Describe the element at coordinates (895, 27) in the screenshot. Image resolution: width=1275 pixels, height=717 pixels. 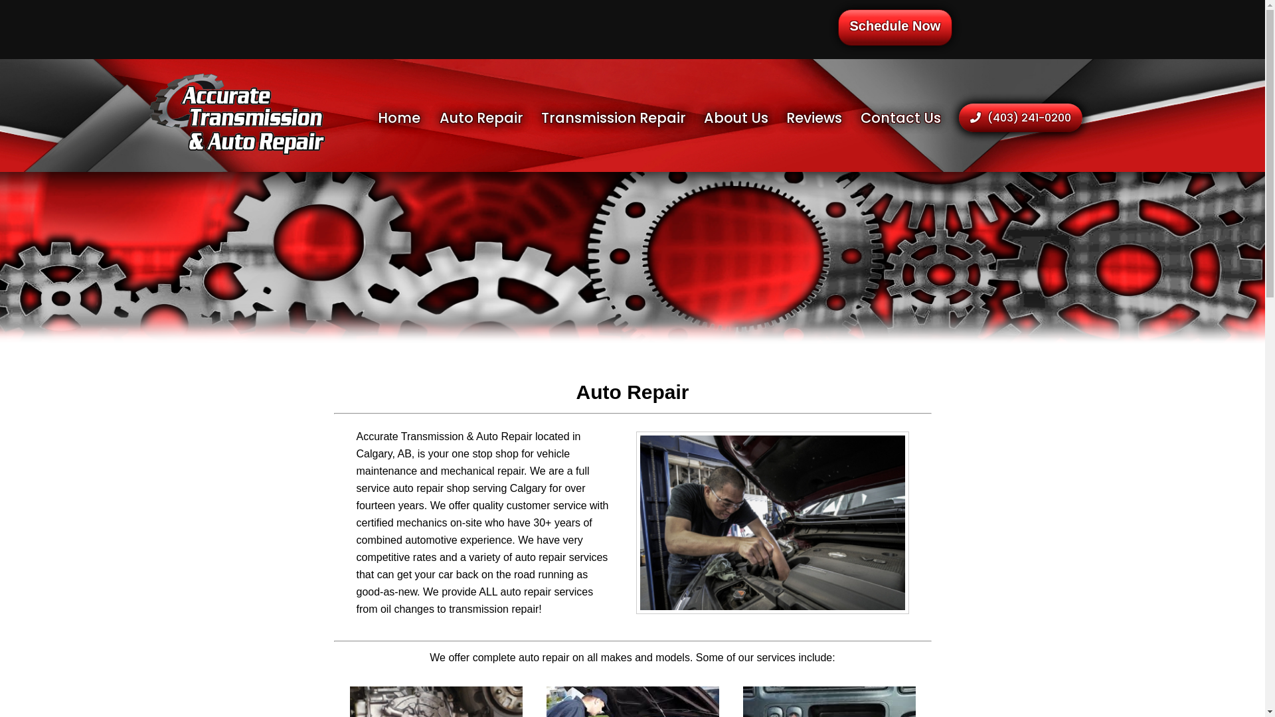
I see `'Schedule Now'` at that location.